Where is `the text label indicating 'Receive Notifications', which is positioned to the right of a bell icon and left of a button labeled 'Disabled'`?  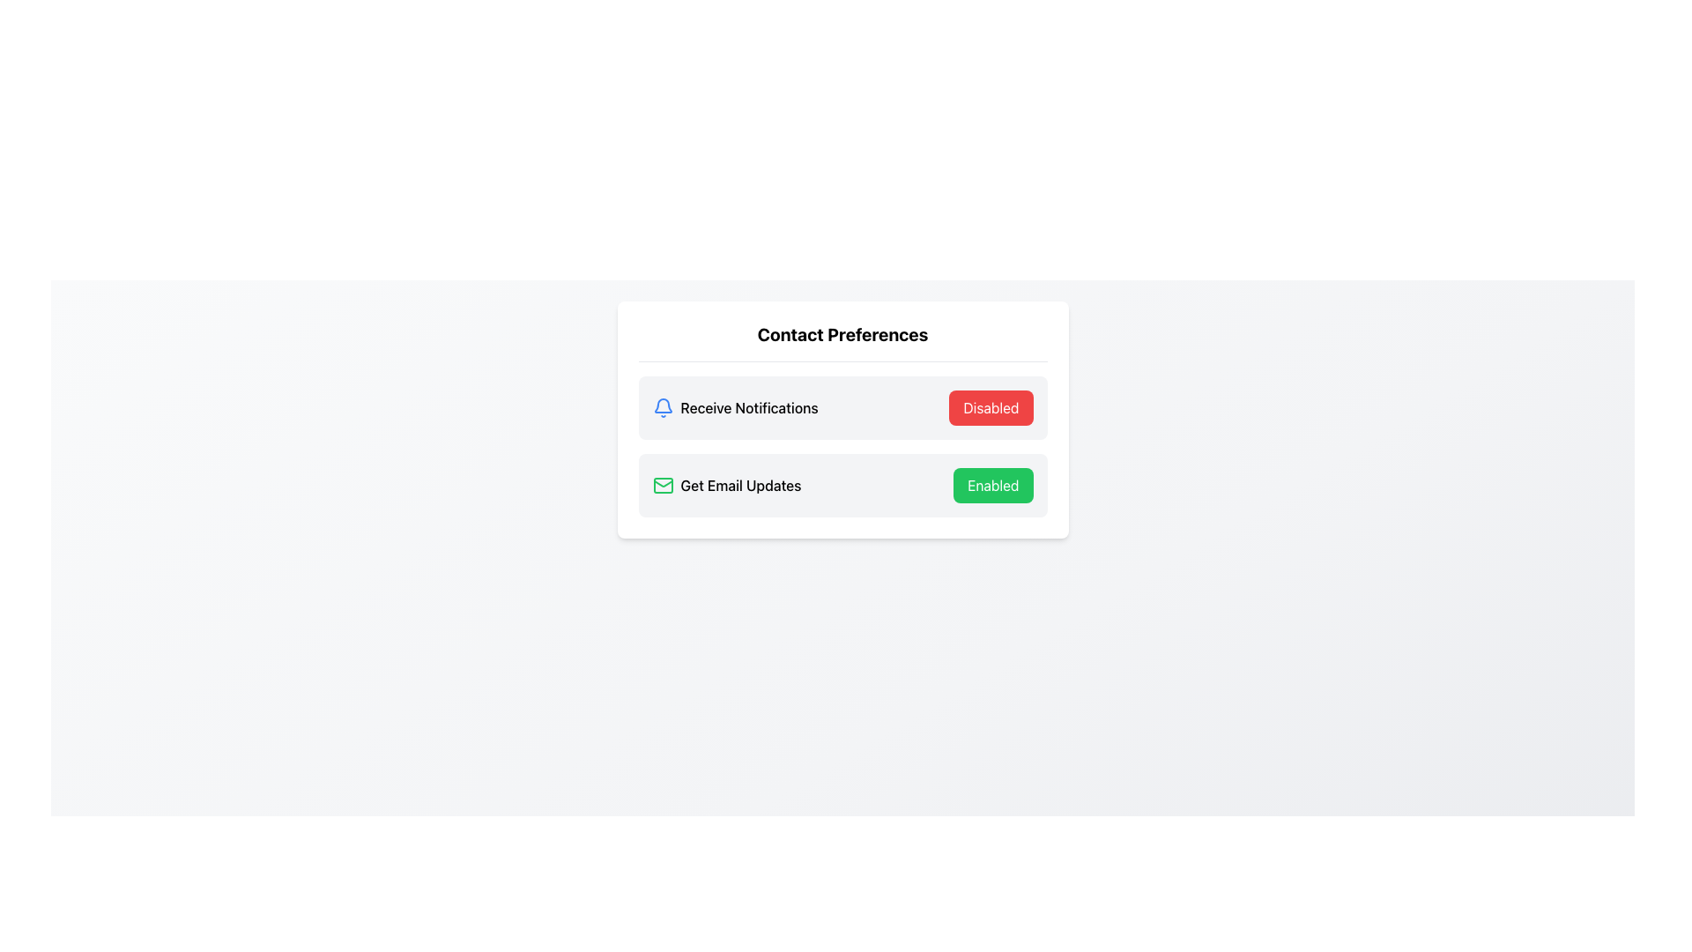 the text label indicating 'Receive Notifications', which is positioned to the right of a bell icon and left of a button labeled 'Disabled' is located at coordinates (749, 407).